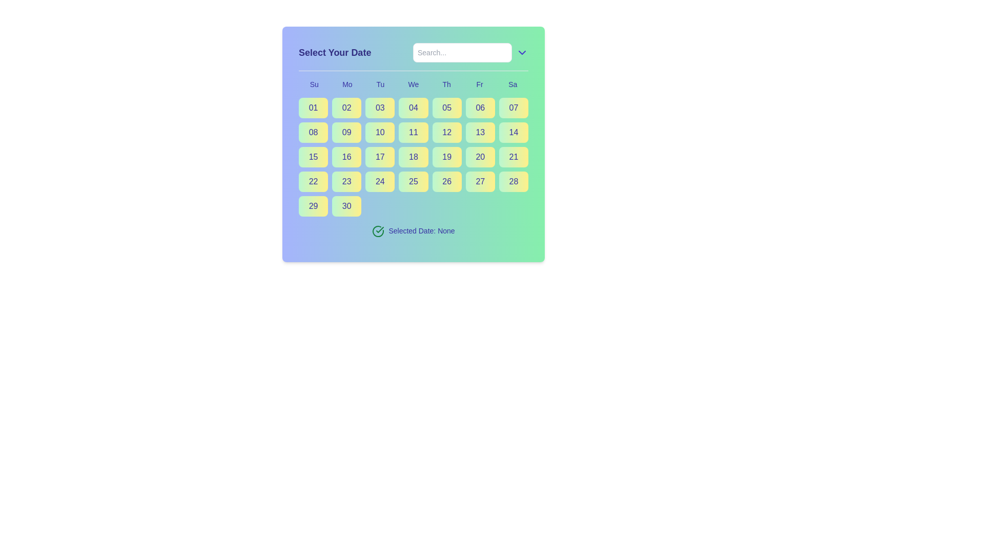  I want to click on the text label displaying 'Th', which represents Thursday, to possibly display a tooltip, so click(446, 84).